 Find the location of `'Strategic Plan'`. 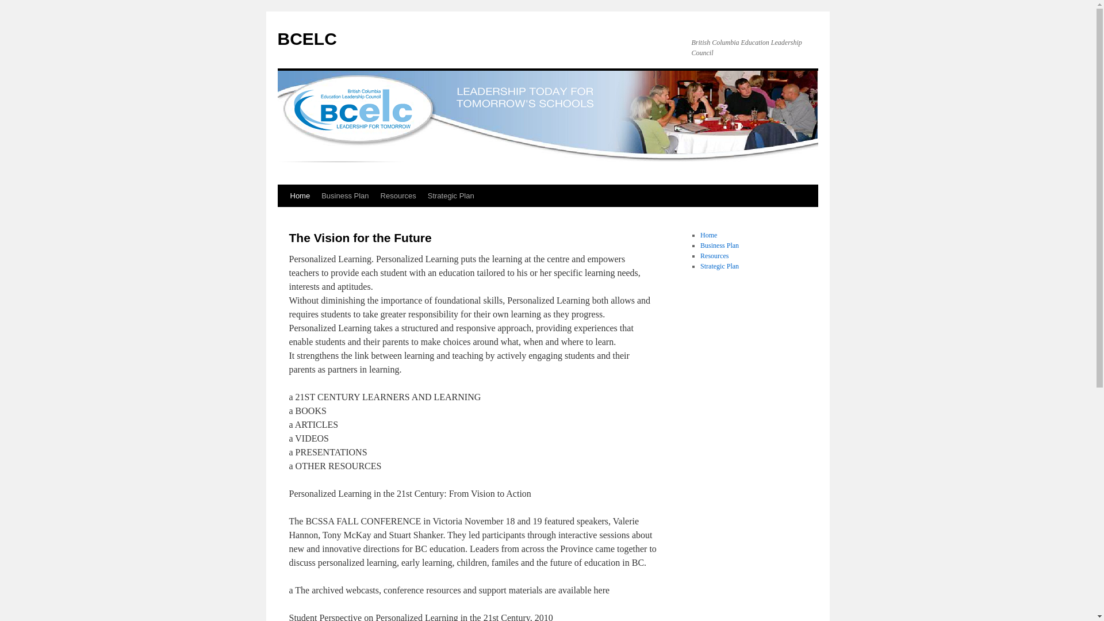

'Strategic Plan' is located at coordinates (719, 266).